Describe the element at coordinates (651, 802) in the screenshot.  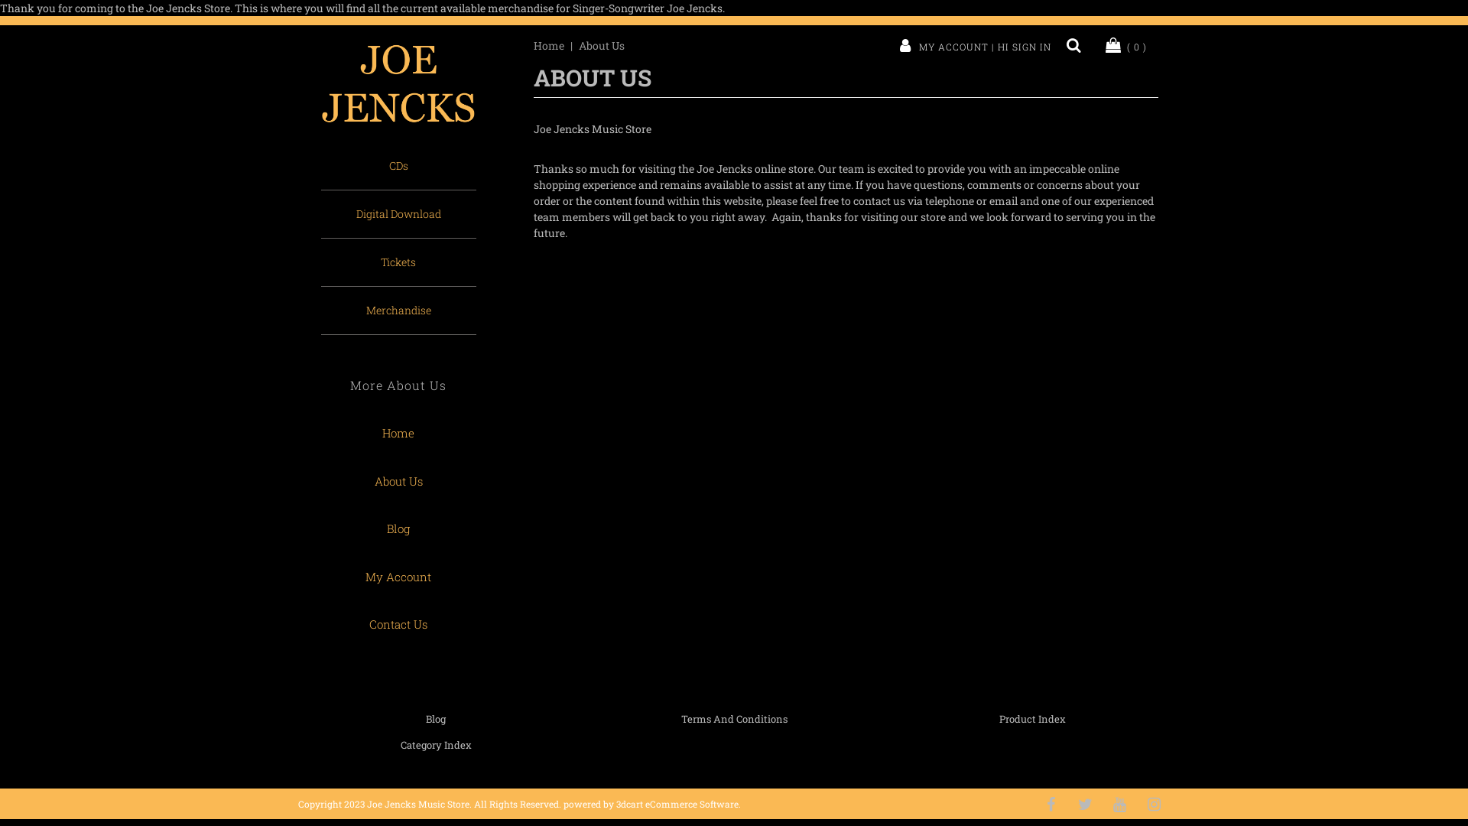
I see `'powered by 3dcart eCommerce Software'` at that location.